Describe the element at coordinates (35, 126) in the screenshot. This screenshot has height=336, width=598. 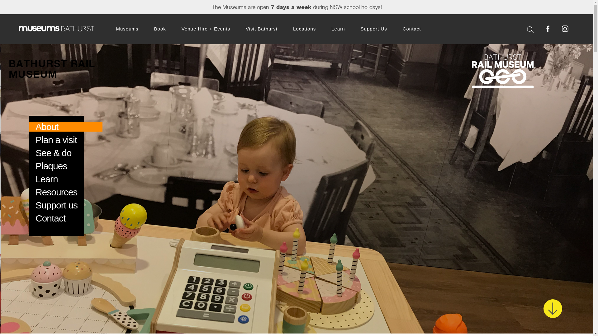
I see `'About'` at that location.